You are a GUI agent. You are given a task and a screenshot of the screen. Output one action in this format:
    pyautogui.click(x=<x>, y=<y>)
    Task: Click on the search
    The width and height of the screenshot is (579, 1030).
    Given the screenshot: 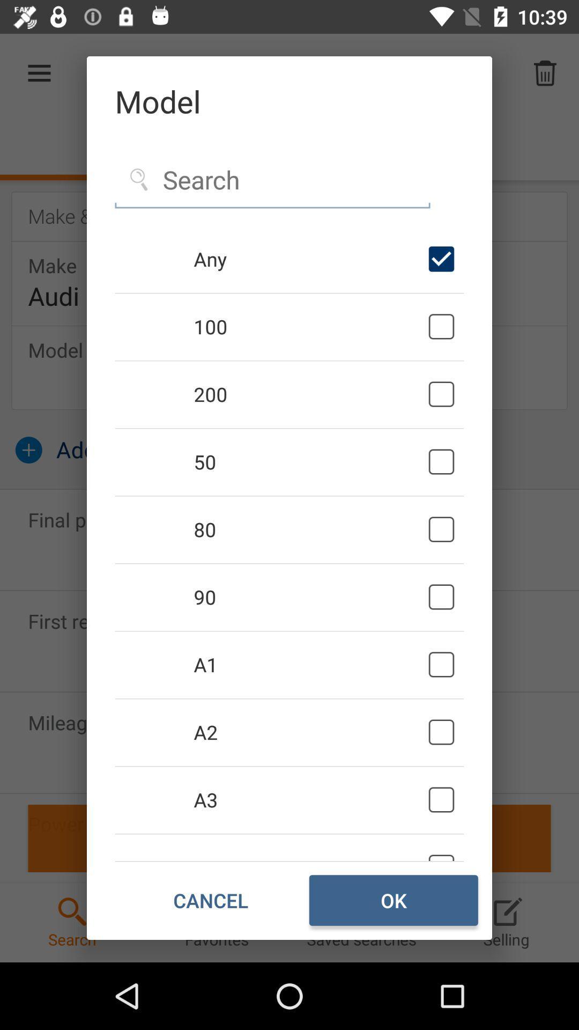 What is the action you would take?
    pyautogui.click(x=272, y=180)
    